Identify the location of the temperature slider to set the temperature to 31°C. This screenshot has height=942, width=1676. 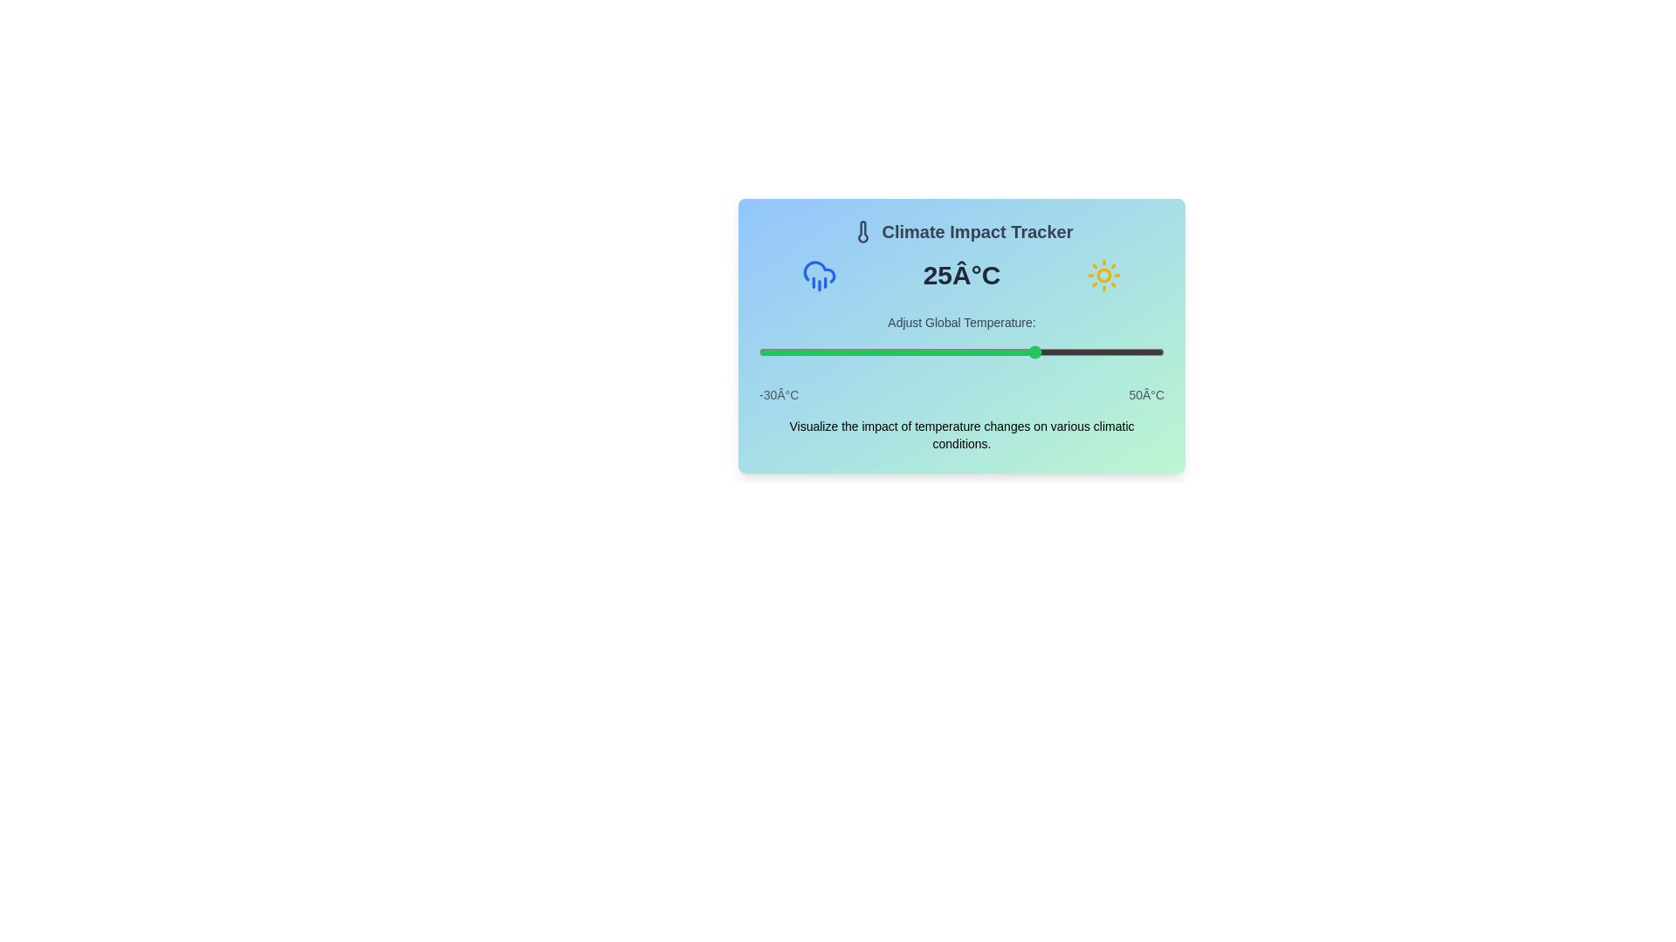
(1067, 352).